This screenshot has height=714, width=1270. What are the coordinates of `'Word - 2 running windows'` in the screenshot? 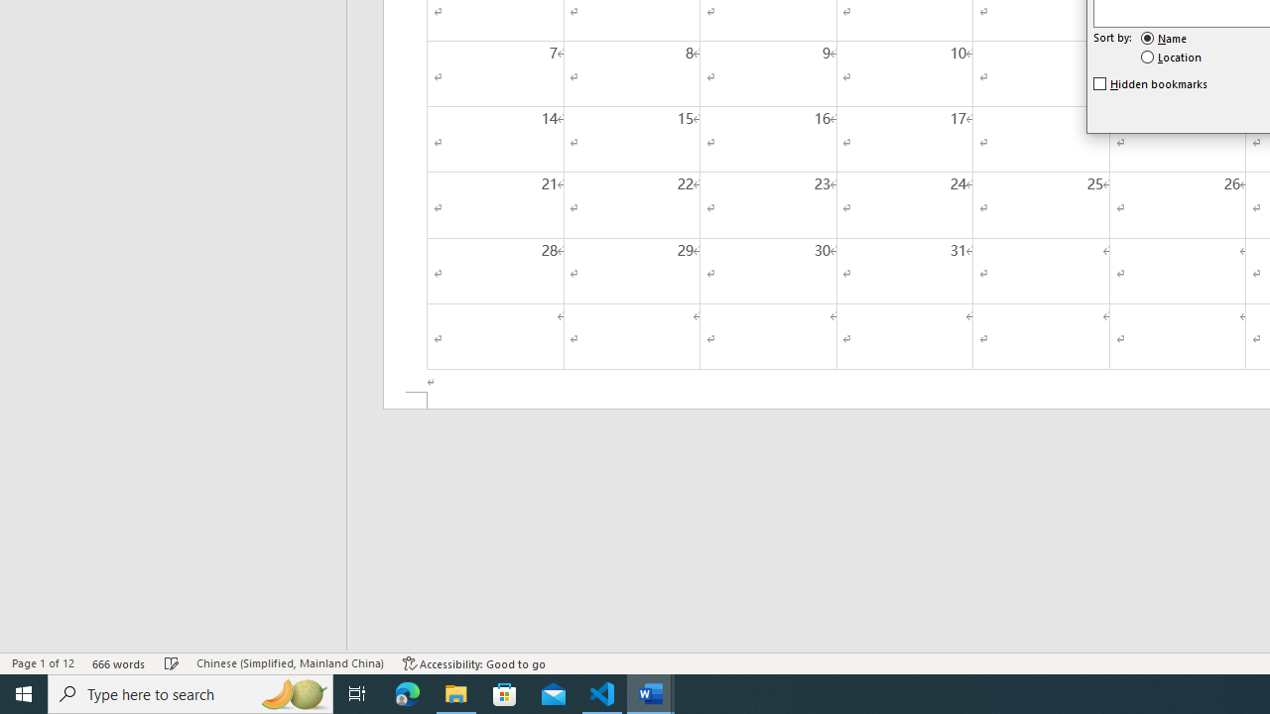 It's located at (651, 692).